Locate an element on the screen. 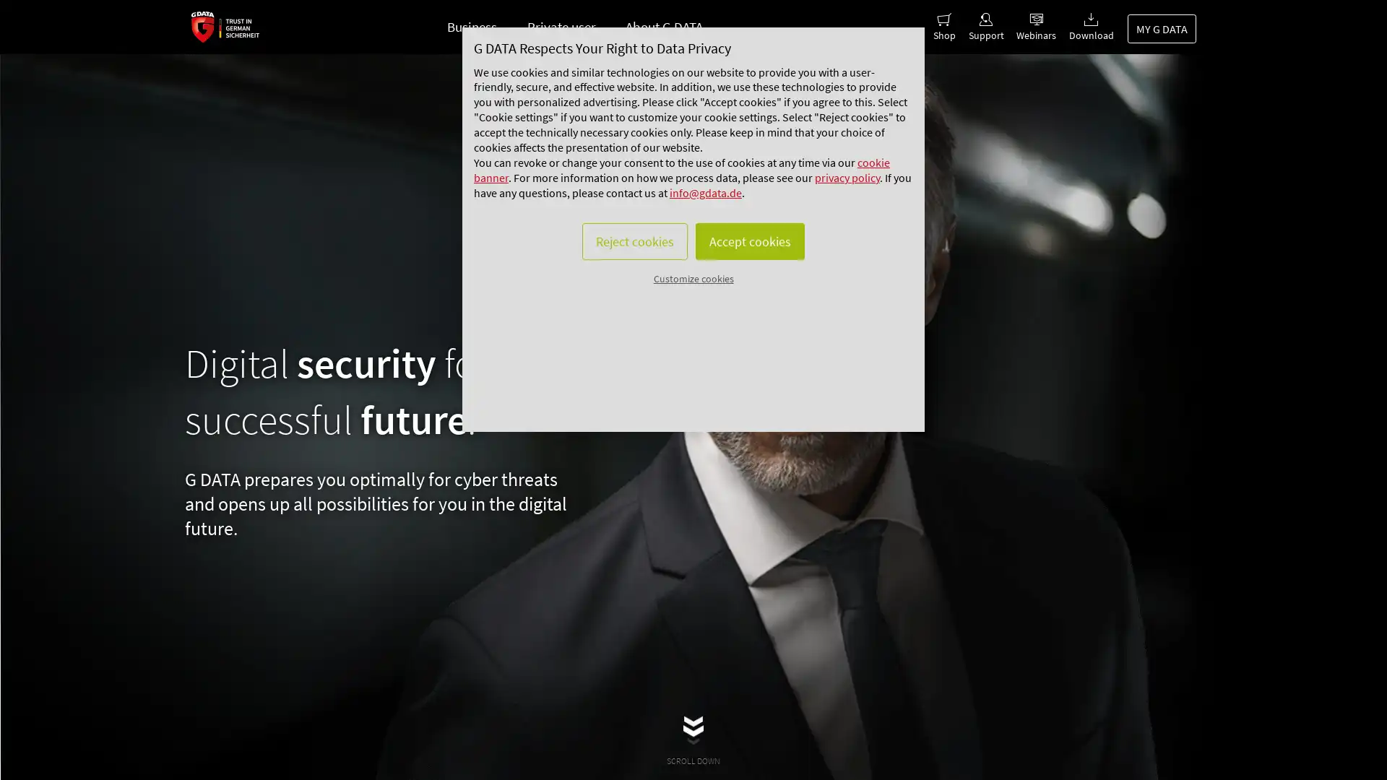 The image size is (1387, 780). Reject cookies is located at coordinates (627, 286).